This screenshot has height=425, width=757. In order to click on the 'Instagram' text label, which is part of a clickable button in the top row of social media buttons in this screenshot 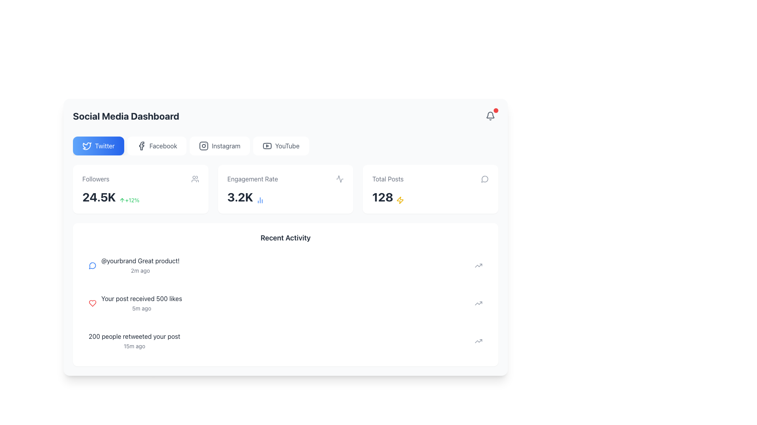, I will do `click(226, 146)`.